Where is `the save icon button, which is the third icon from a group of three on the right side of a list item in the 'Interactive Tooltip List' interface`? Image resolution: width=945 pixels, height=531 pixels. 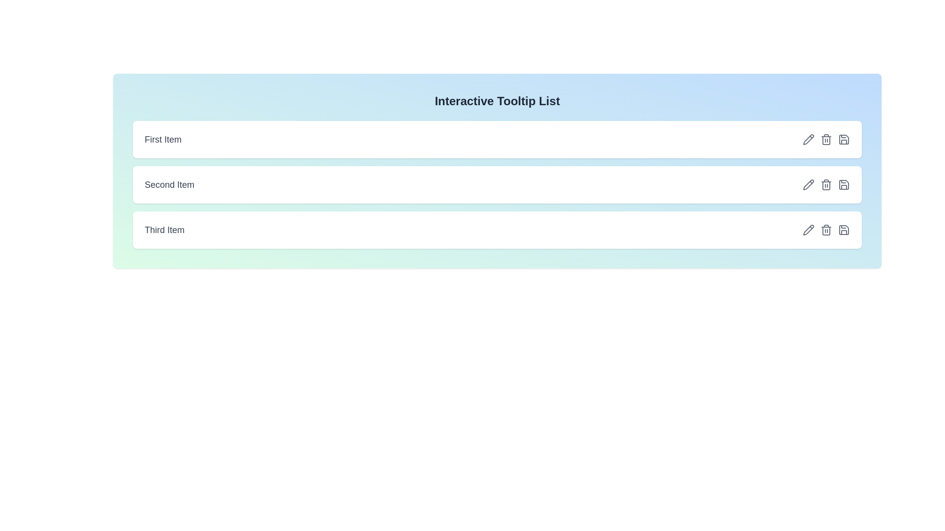
the save icon button, which is the third icon from a group of three on the right side of a list item in the 'Interactive Tooltip List' interface is located at coordinates (843, 140).